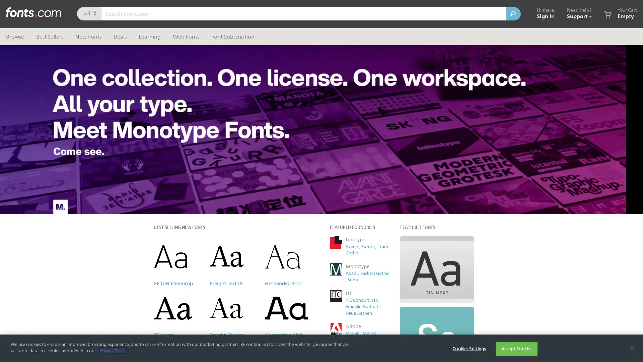 This screenshot has width=643, height=362. I want to click on Accept Cookies, so click(516, 348).